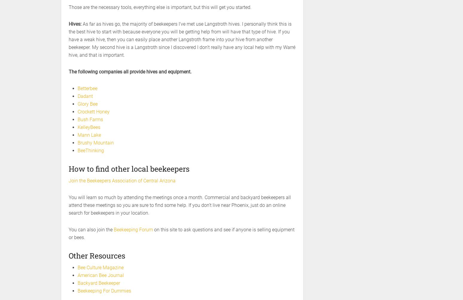 This screenshot has height=300, width=463. Describe the element at coordinates (180, 205) in the screenshot. I see `'You will learn so much by attending the meetings once a month. Commercial and backyard beekeepers all attend these meetings so you are sure to find some help. If you don’t live near Phoenix, just do an online search for beekeepers in your location.'` at that location.